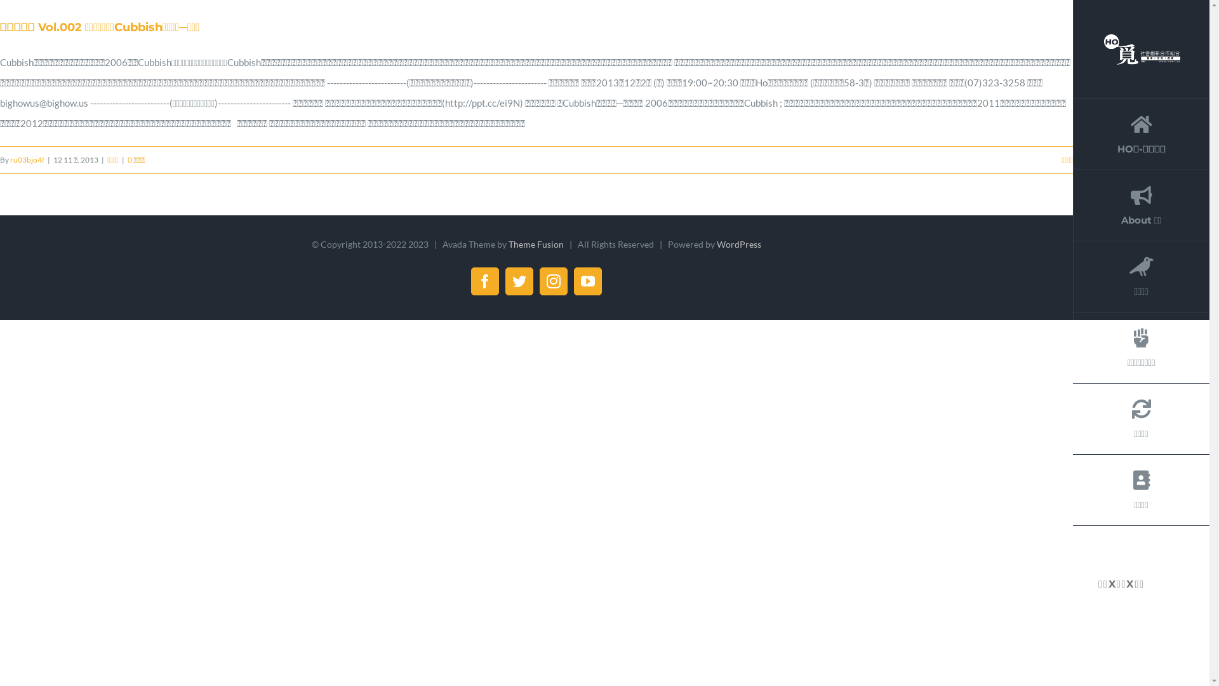 This screenshot has width=1219, height=686. I want to click on 'Instagram', so click(554, 281).